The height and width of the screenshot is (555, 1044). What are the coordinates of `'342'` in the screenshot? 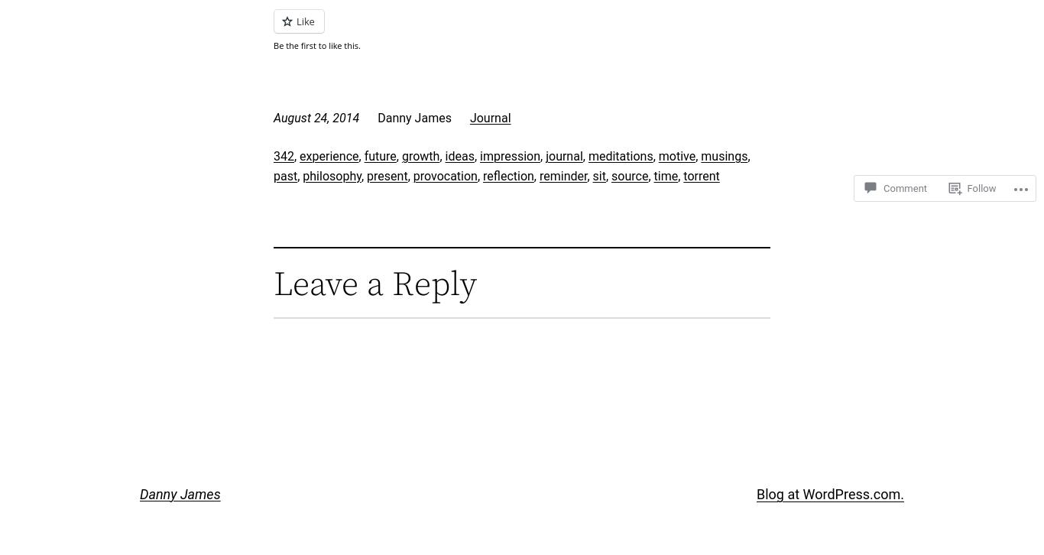 It's located at (283, 155).